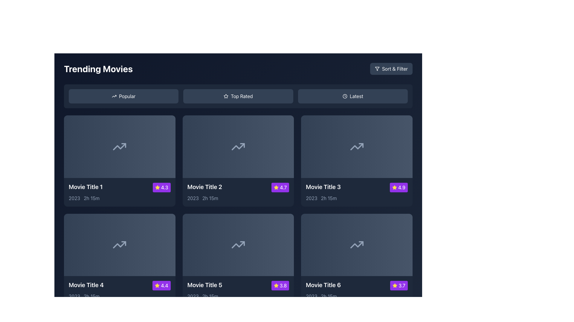  What do you see at coordinates (242, 96) in the screenshot?
I see `the 'Top Rated' text label within the button` at bounding box center [242, 96].